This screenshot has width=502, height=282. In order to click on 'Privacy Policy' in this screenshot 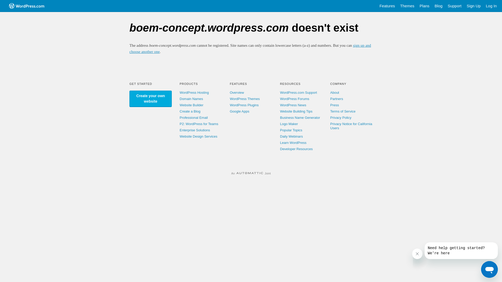, I will do `click(341, 118)`.